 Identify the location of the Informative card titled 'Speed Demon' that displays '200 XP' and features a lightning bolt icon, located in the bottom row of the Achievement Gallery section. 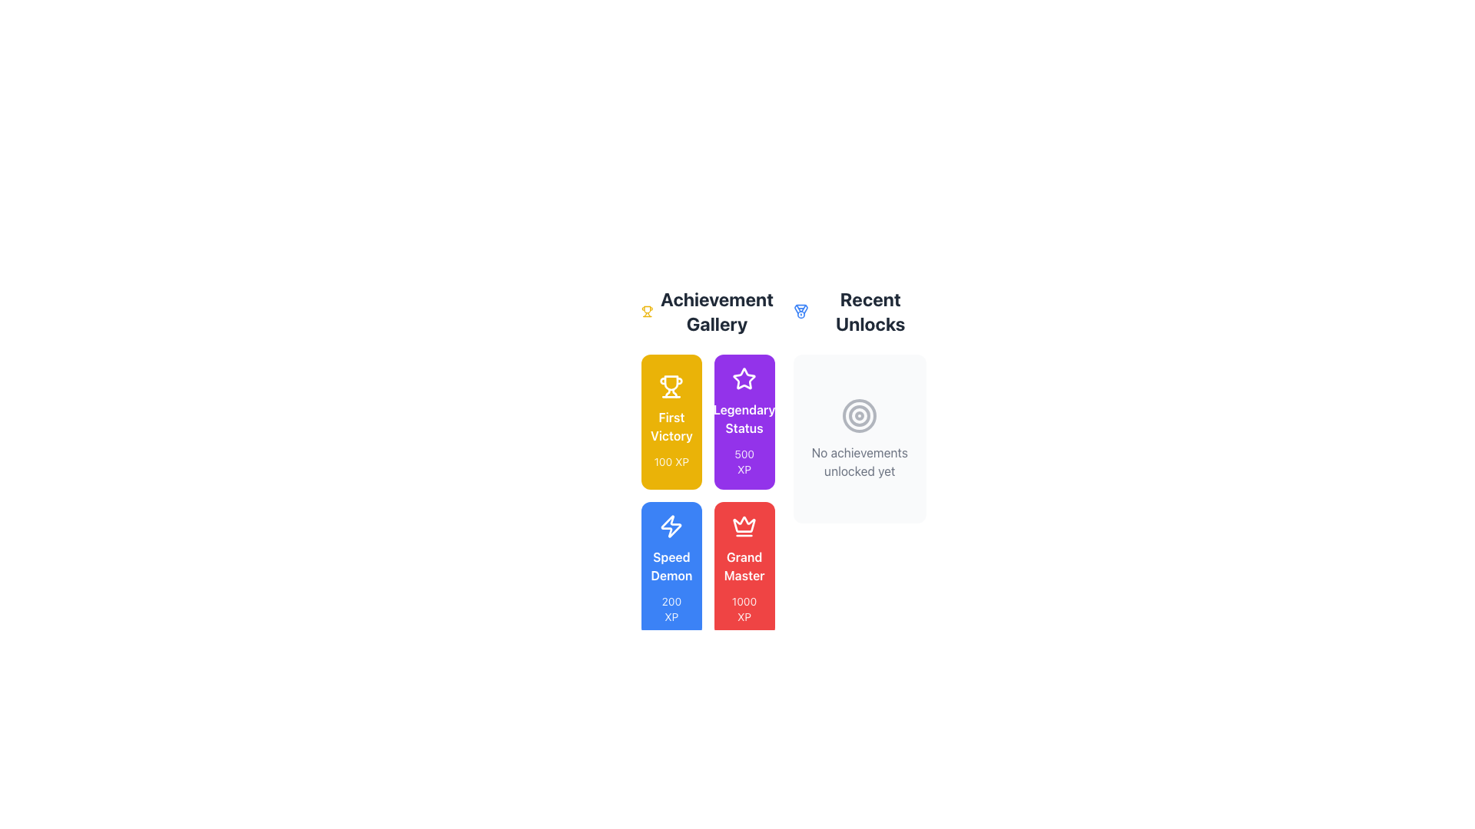
(671, 569).